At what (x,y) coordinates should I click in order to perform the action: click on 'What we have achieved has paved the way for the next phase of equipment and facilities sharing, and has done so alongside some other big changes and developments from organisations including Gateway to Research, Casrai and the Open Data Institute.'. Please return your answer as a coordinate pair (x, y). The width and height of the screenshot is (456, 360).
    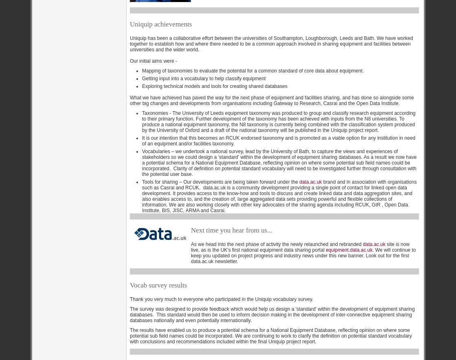
    Looking at the image, I should click on (272, 100).